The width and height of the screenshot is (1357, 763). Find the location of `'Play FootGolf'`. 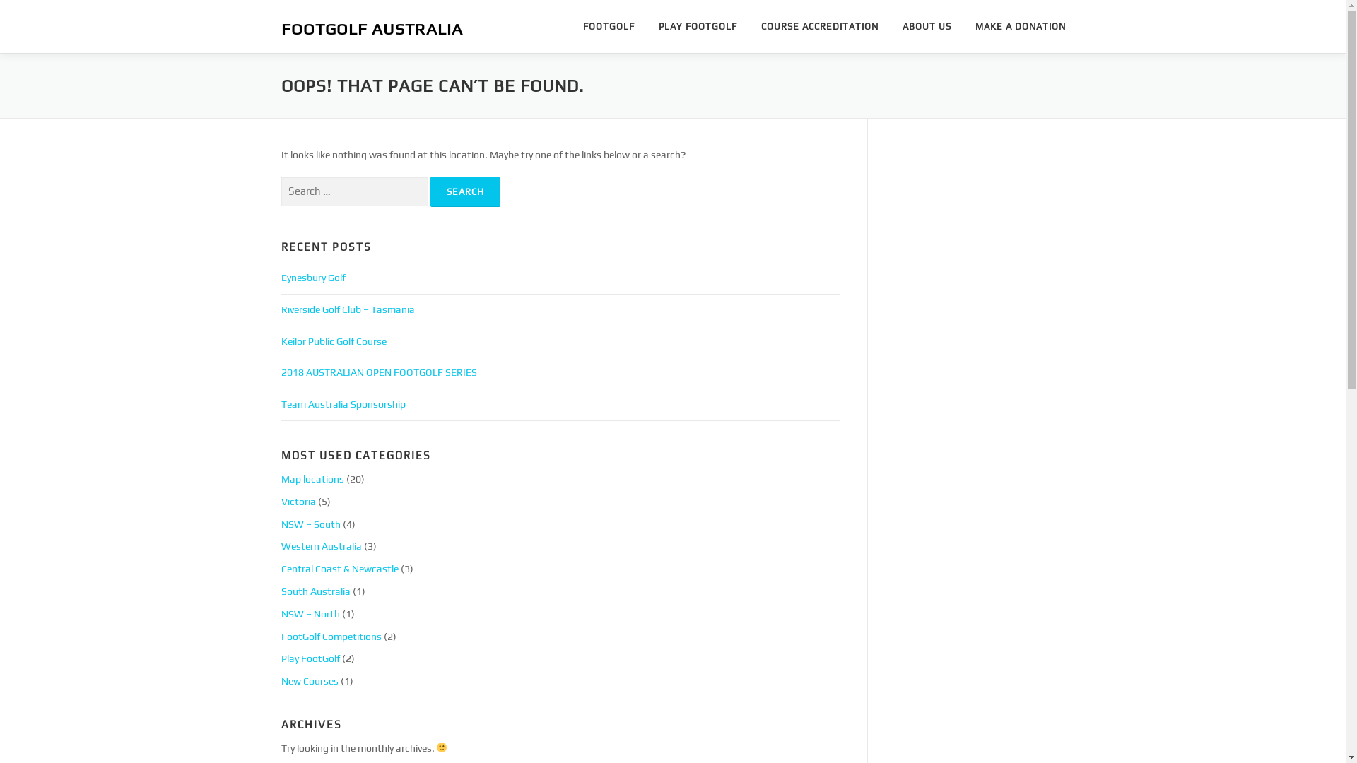

'Play FootGolf' is located at coordinates (310, 658).